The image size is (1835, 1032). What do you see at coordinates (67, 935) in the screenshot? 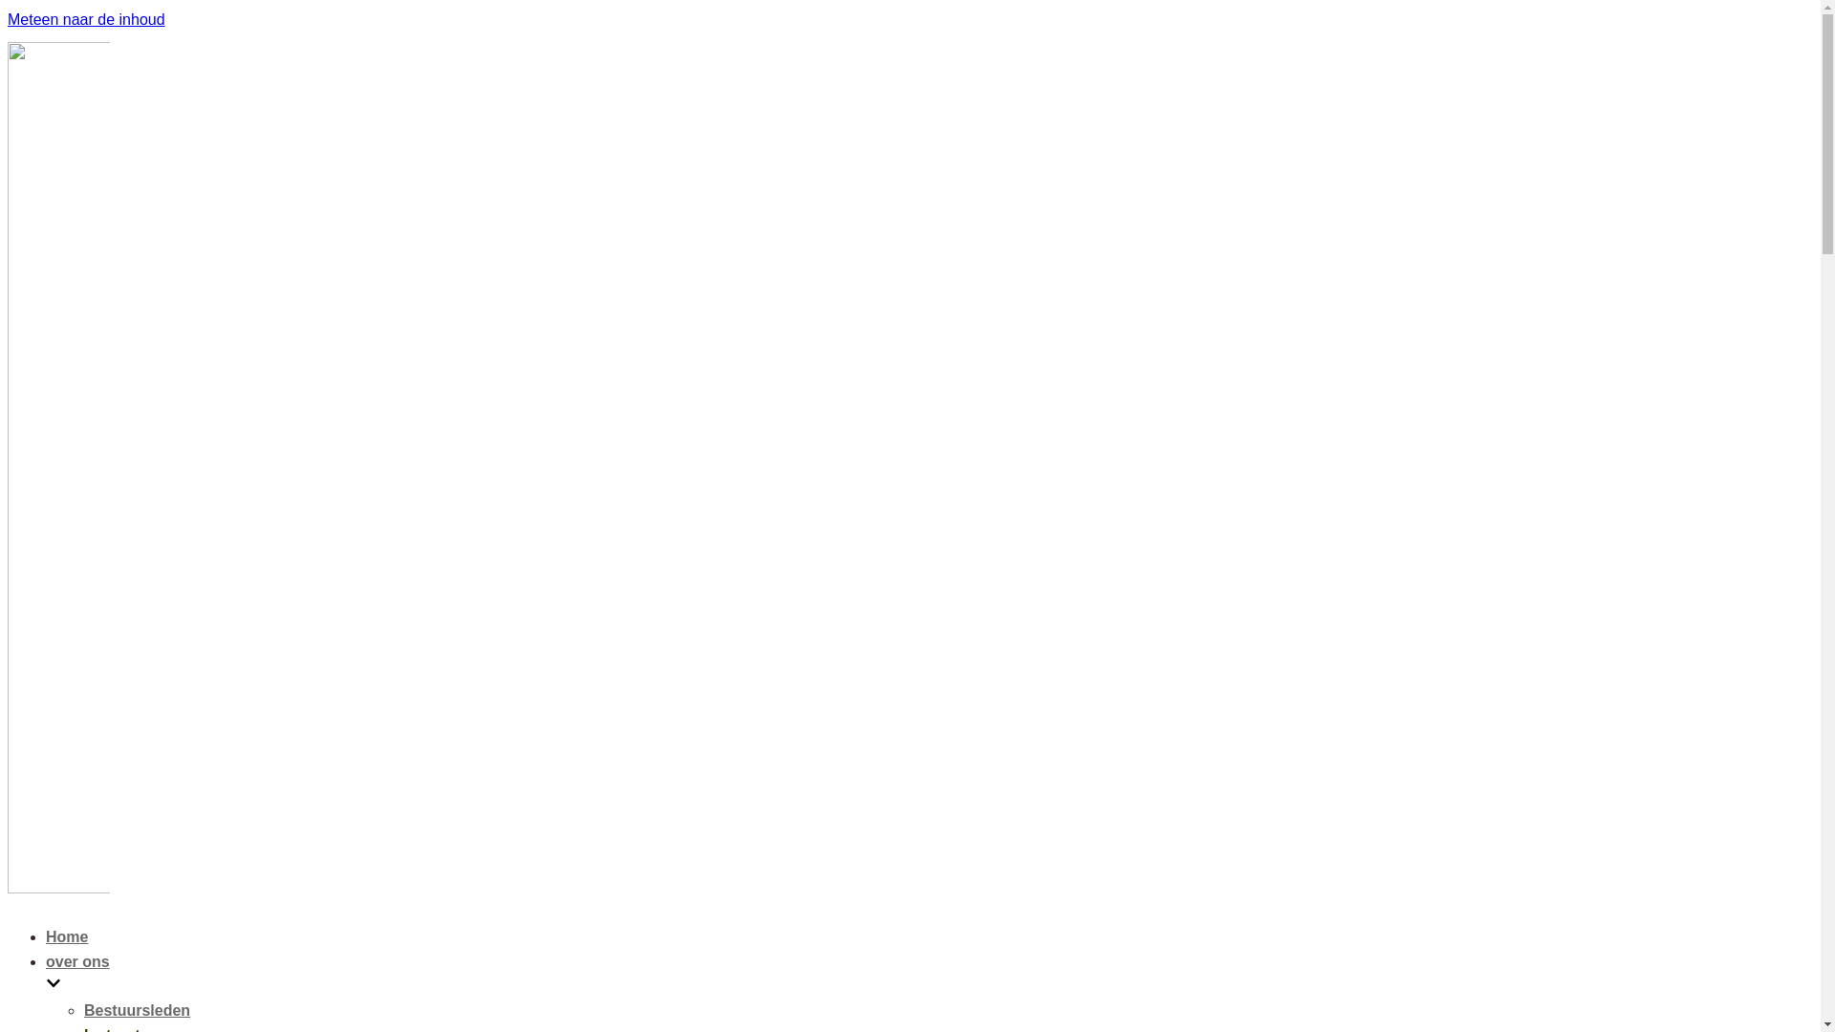
I see `'Home'` at bounding box center [67, 935].